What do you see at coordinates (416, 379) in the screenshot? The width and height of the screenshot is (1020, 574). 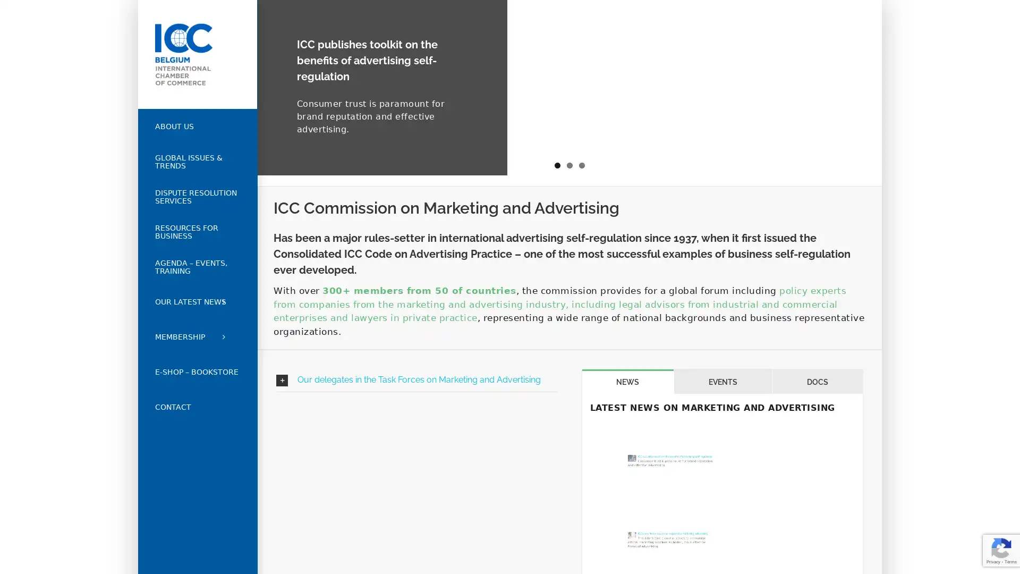 I see `Our delegates in the Task Forces on Marketing and Advertising` at bounding box center [416, 379].